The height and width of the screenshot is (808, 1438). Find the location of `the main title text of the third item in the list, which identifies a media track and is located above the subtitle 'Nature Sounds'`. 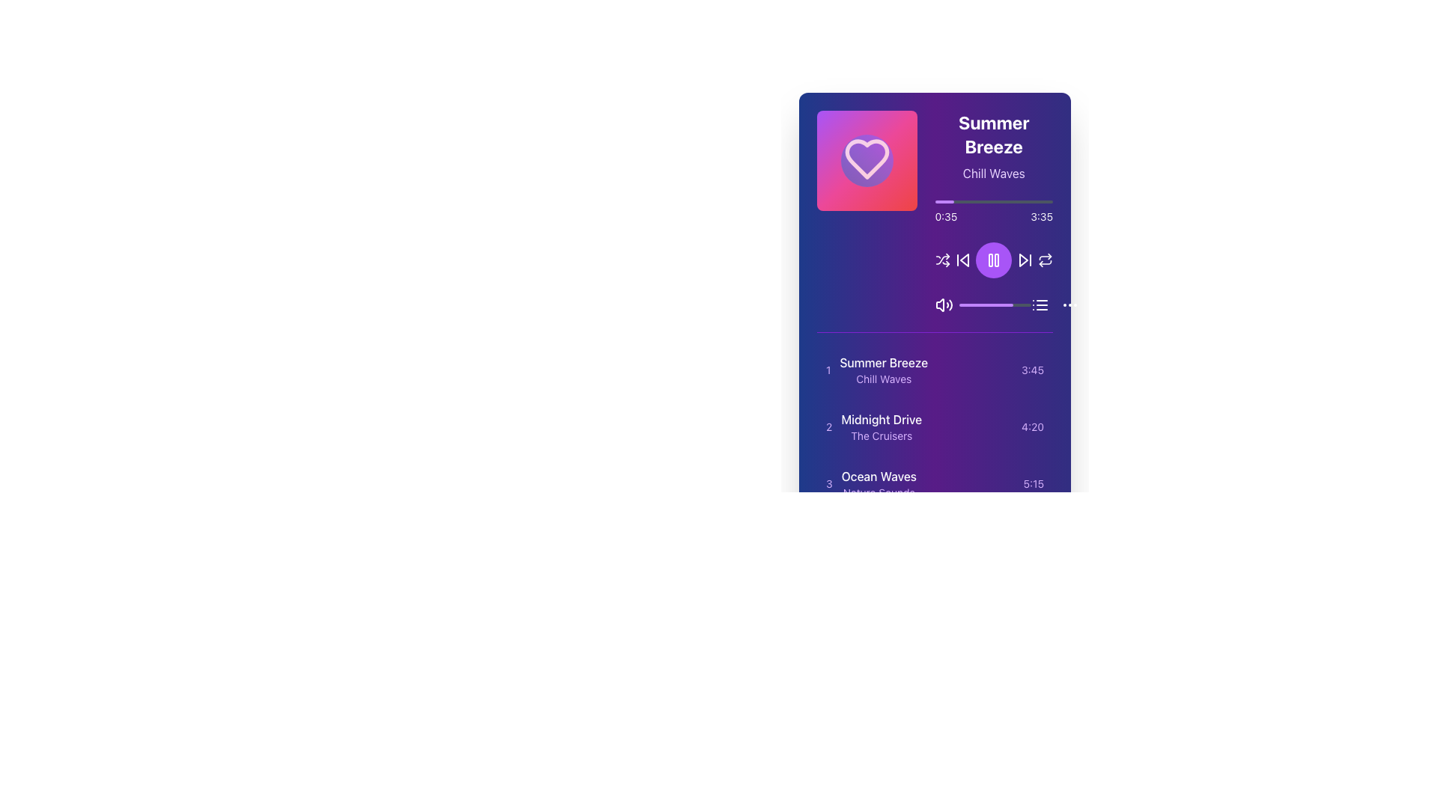

the main title text of the third item in the list, which identifies a media track and is located above the subtitle 'Nature Sounds' is located at coordinates (879, 476).